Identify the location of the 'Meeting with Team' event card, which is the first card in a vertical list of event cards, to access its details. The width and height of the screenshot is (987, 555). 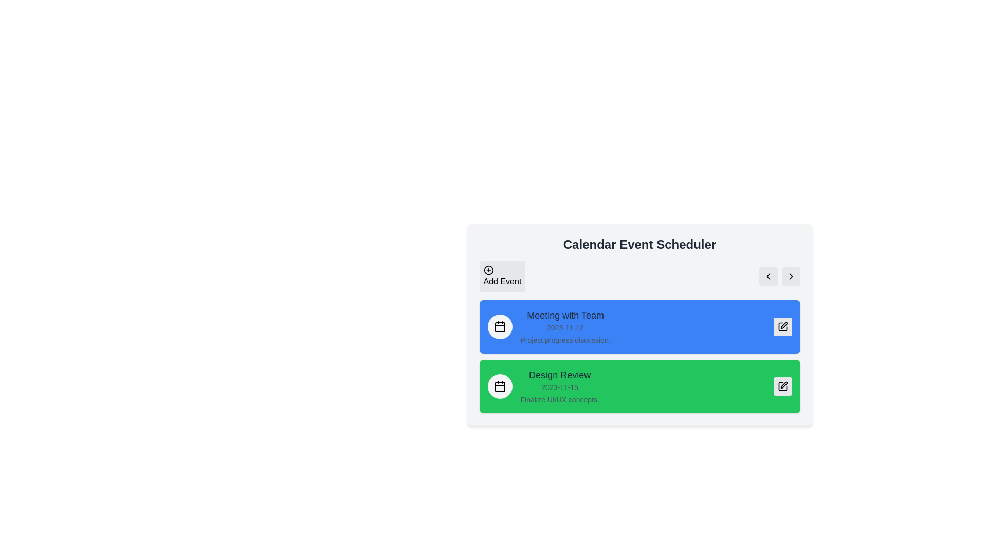
(639, 327).